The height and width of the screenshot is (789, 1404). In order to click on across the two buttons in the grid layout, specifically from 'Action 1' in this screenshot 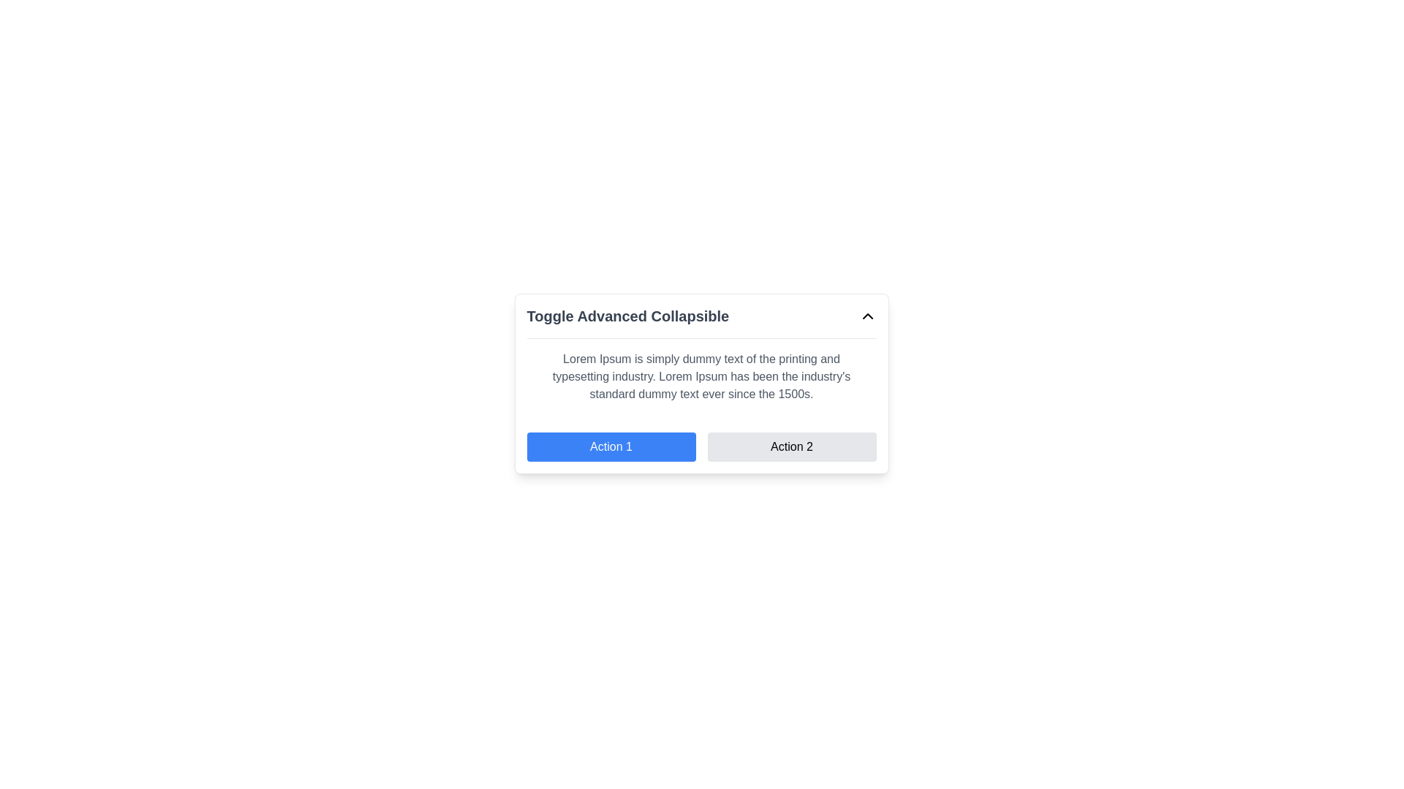, I will do `click(701, 446)`.